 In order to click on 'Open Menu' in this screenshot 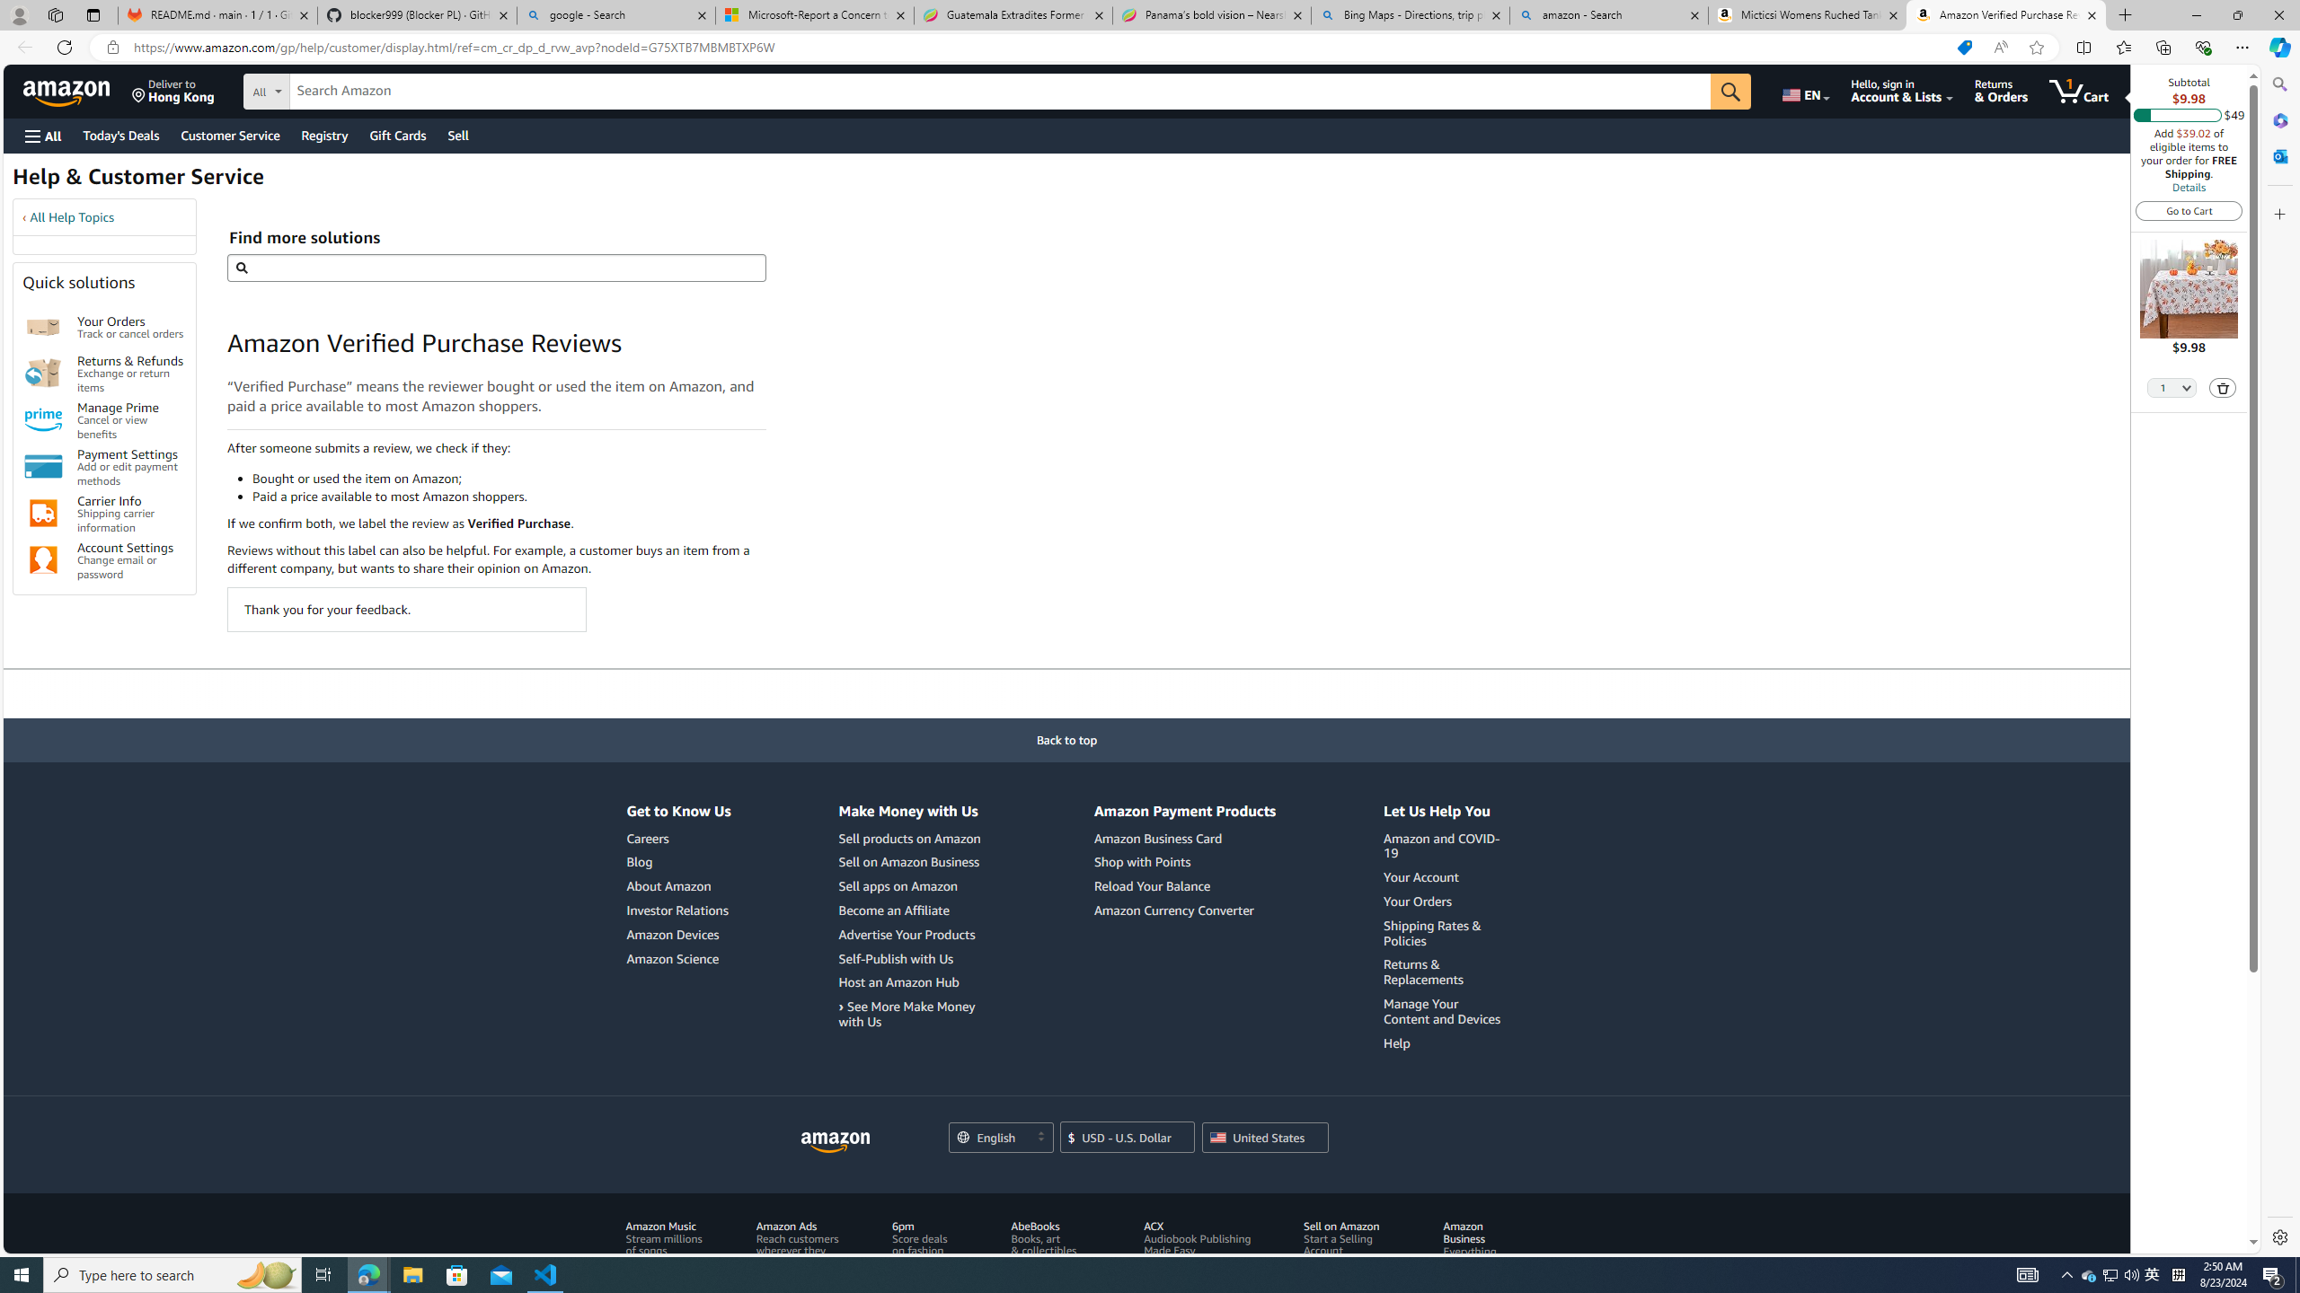, I will do `click(41, 135)`.